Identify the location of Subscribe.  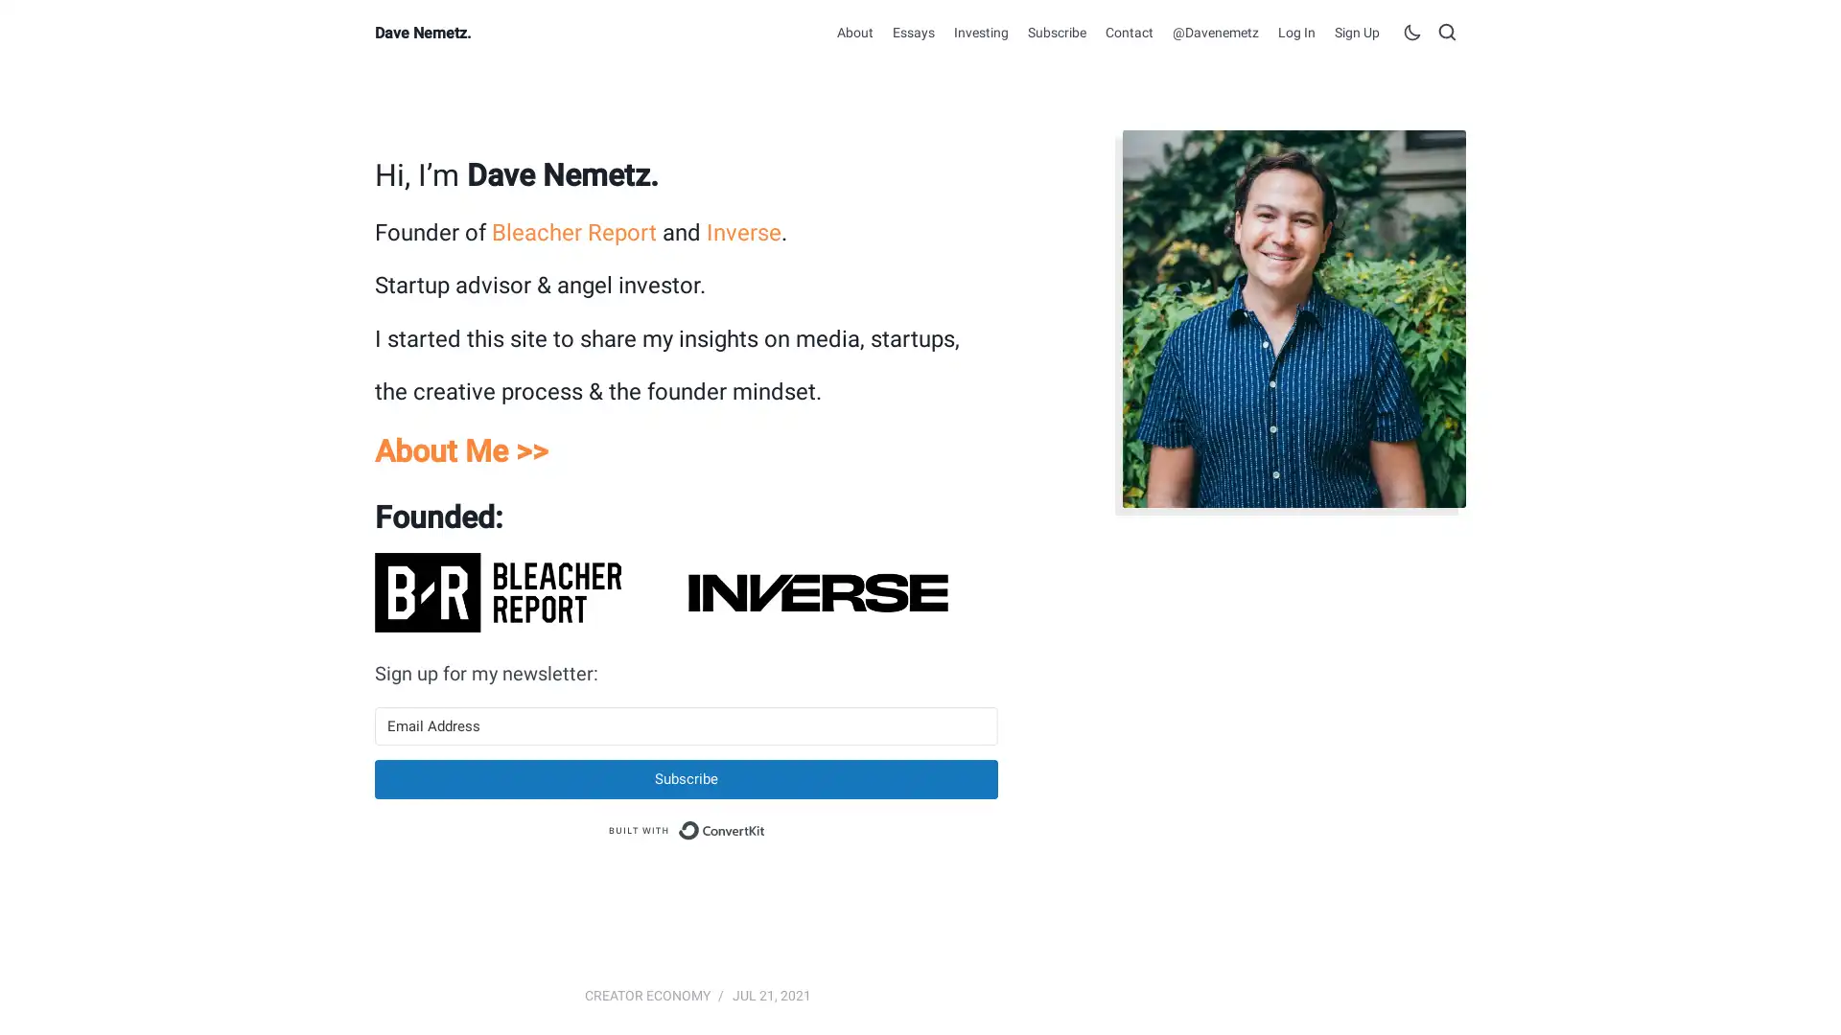
(686, 779).